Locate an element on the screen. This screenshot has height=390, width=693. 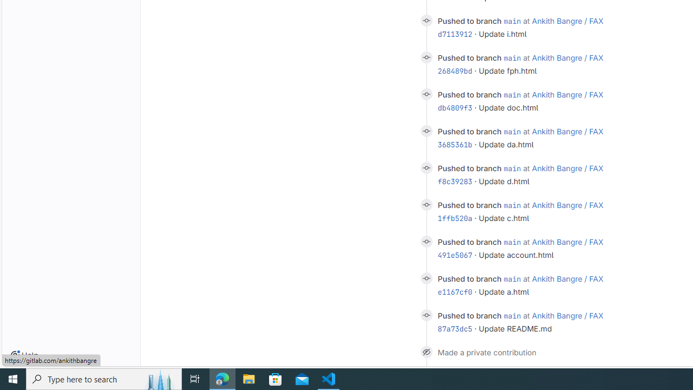
'd7113912' is located at coordinates (455, 33).